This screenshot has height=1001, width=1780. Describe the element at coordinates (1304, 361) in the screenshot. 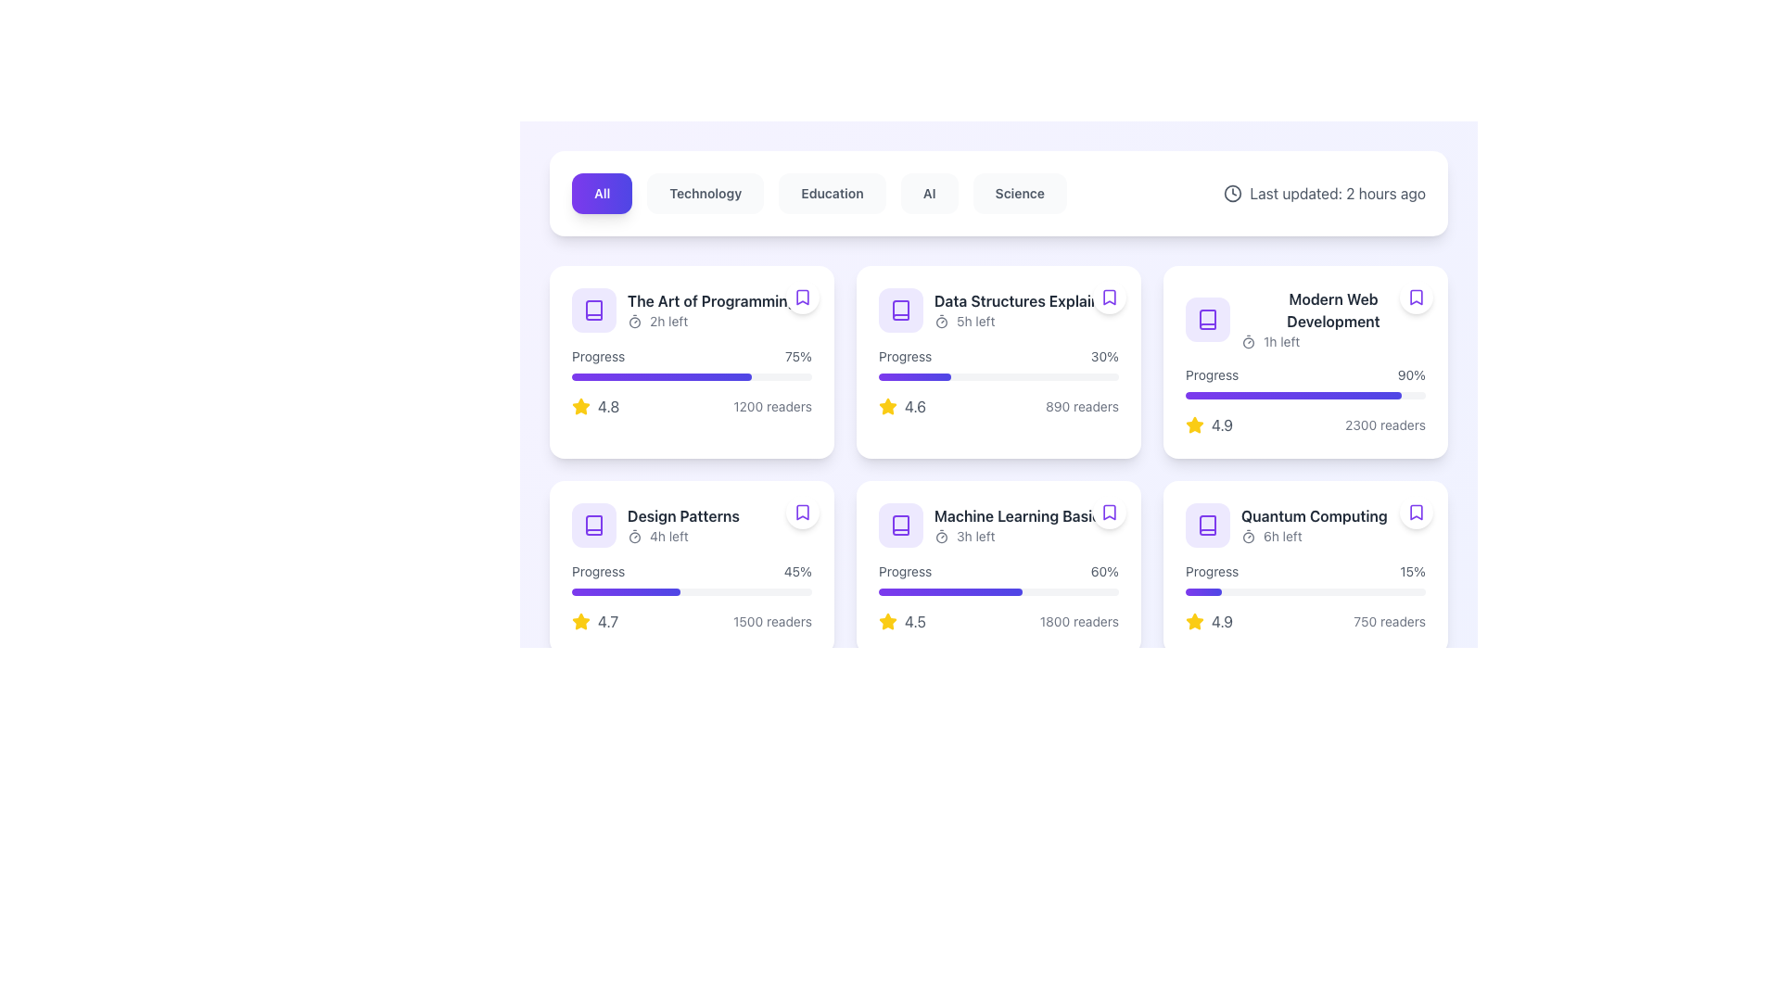

I see `the informational content card featuring a progress bar labeled '90%' and a rating of '2300 readers', located in the third column of the first row of the grid layout` at that location.